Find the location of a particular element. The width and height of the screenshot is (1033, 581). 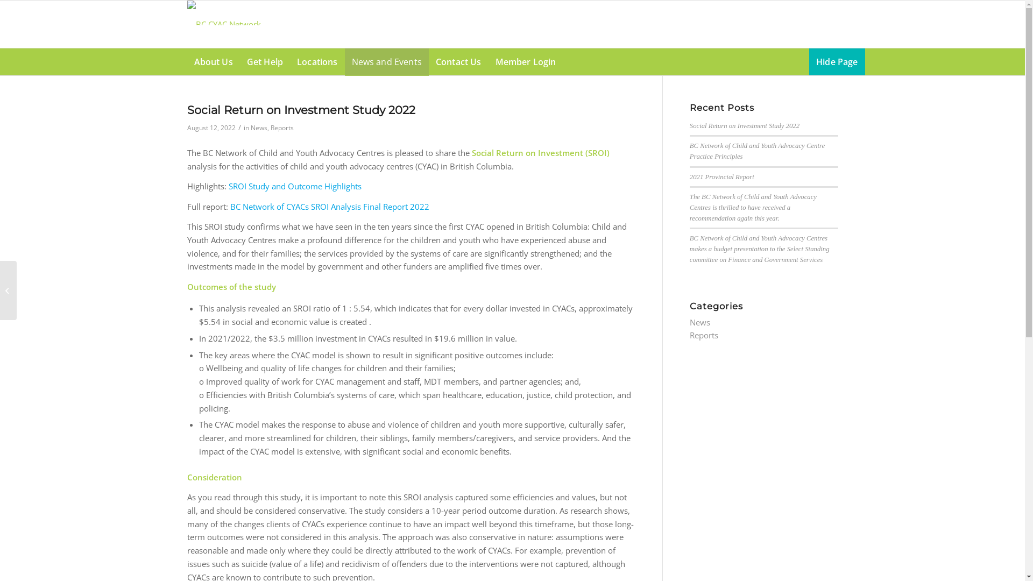

'Hide Page' is located at coordinates (836, 62).